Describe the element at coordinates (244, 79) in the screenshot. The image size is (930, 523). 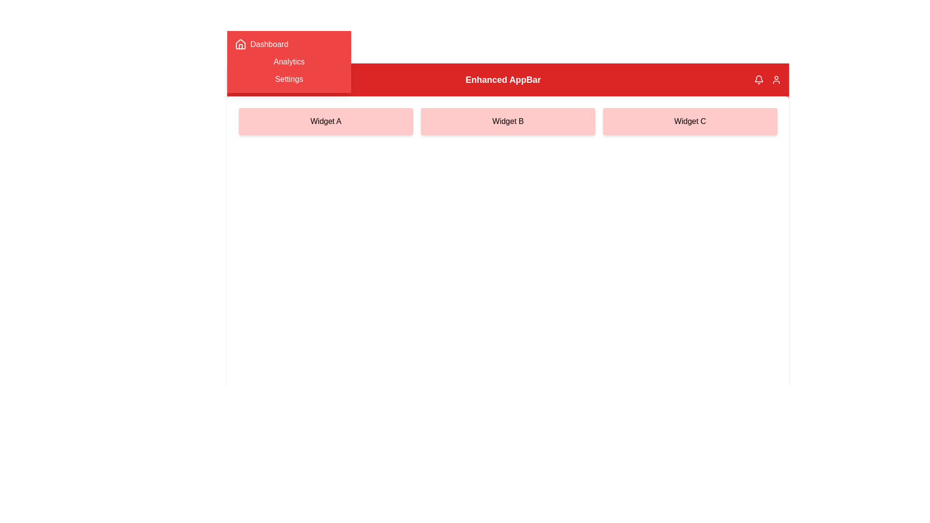
I see `the red button with the menu icon to toggle the visibility of the sidebar menu` at that location.